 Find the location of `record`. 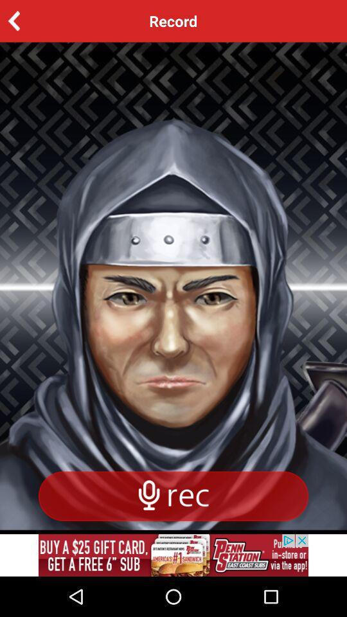

record is located at coordinates (33, 20).